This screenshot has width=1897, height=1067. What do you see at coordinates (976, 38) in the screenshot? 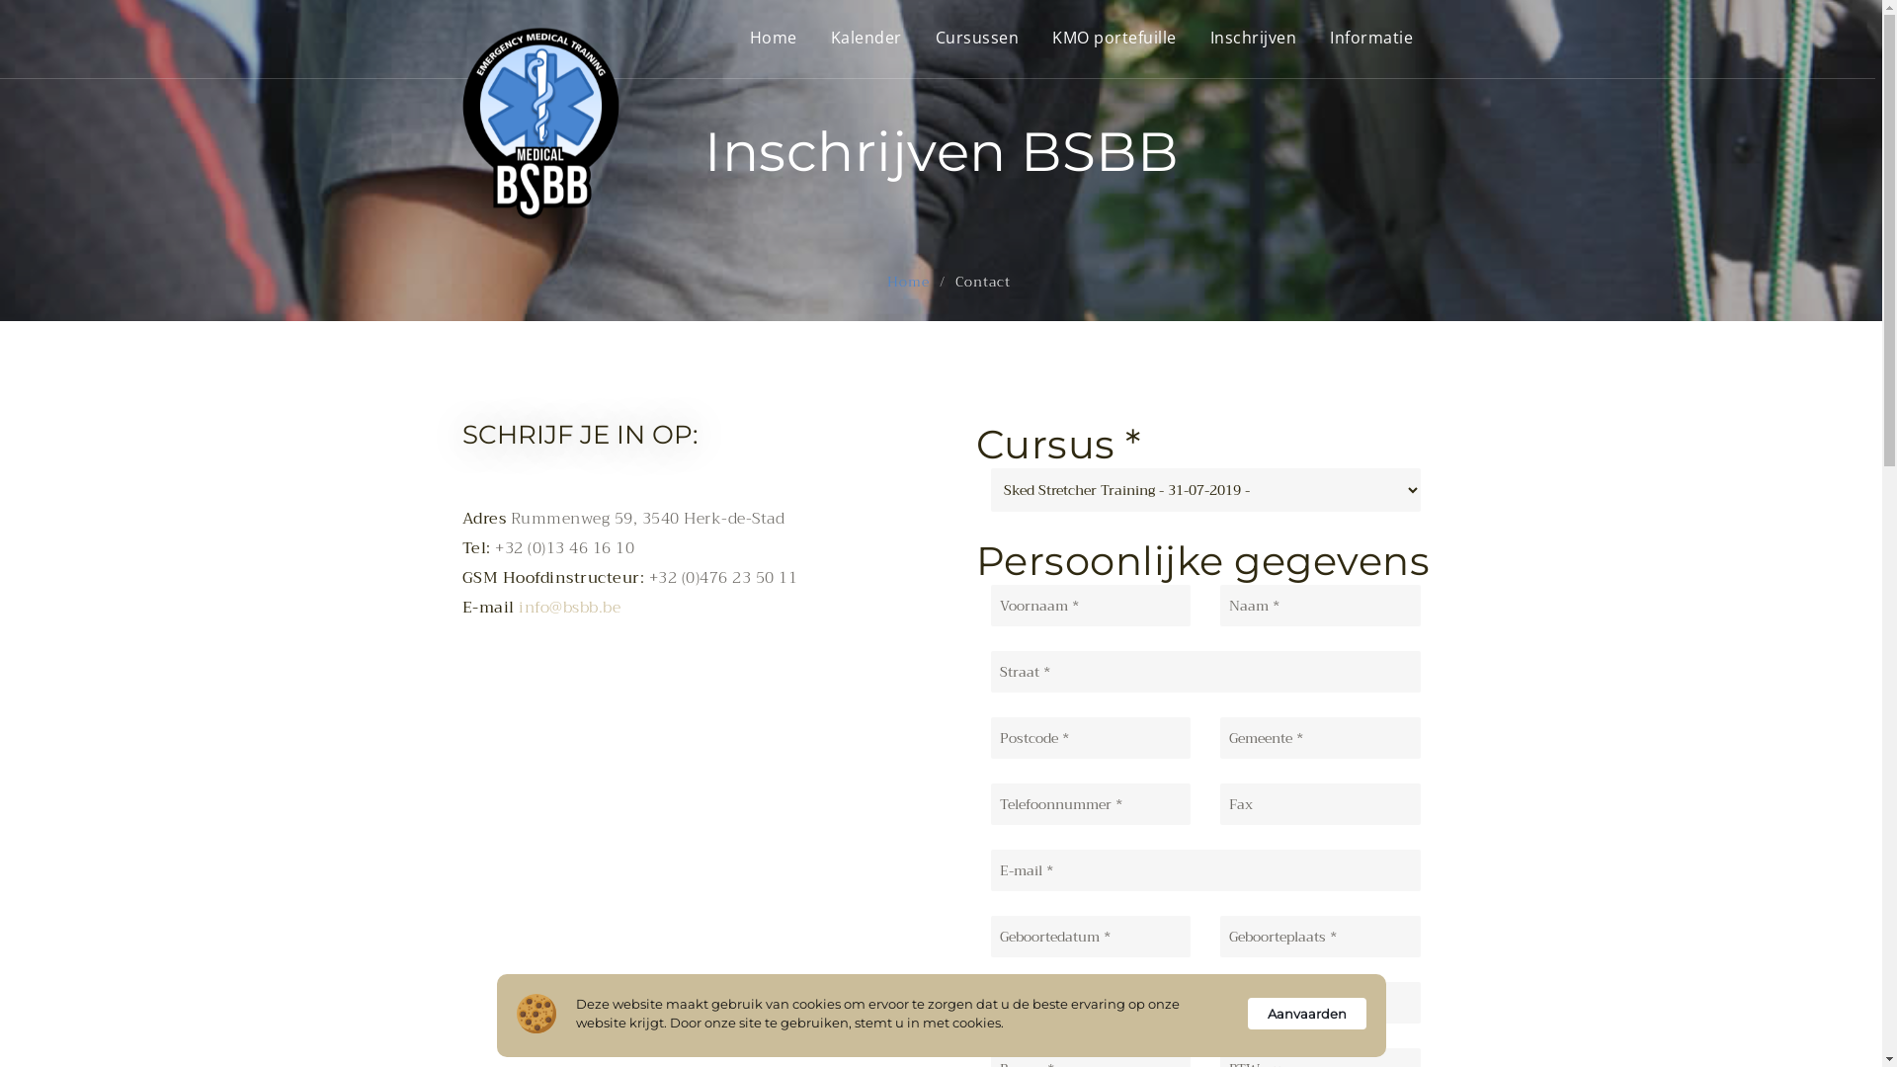
I see `'Cursussen'` at bounding box center [976, 38].